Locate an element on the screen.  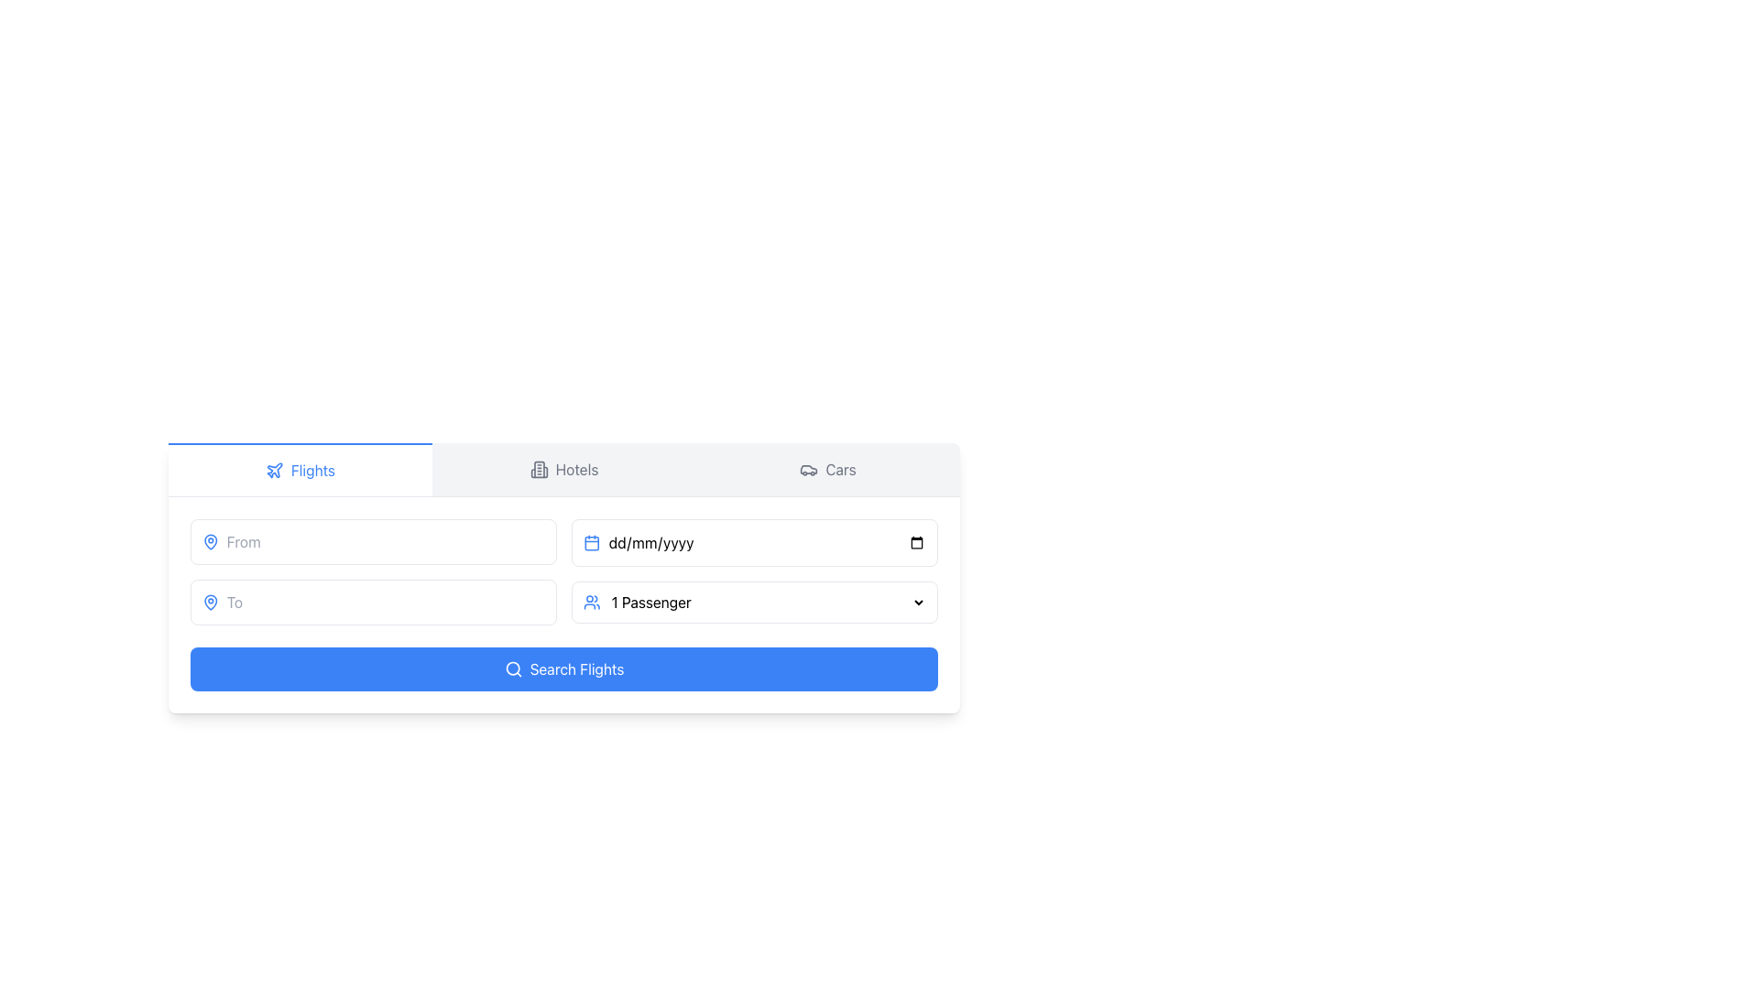
the travel date using the date picker in the flight search widget, which is centrally located below the navigation tabs for 'Flights', 'Hotels', and 'Cars' is located at coordinates (563, 578).